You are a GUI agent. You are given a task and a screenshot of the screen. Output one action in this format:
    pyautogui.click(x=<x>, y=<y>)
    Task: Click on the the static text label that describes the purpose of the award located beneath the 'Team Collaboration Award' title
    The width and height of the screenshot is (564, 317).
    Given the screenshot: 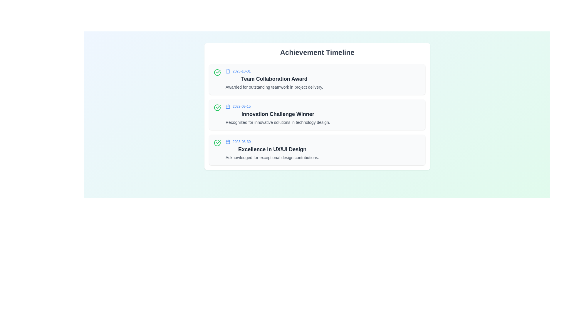 What is the action you would take?
    pyautogui.click(x=274, y=87)
    